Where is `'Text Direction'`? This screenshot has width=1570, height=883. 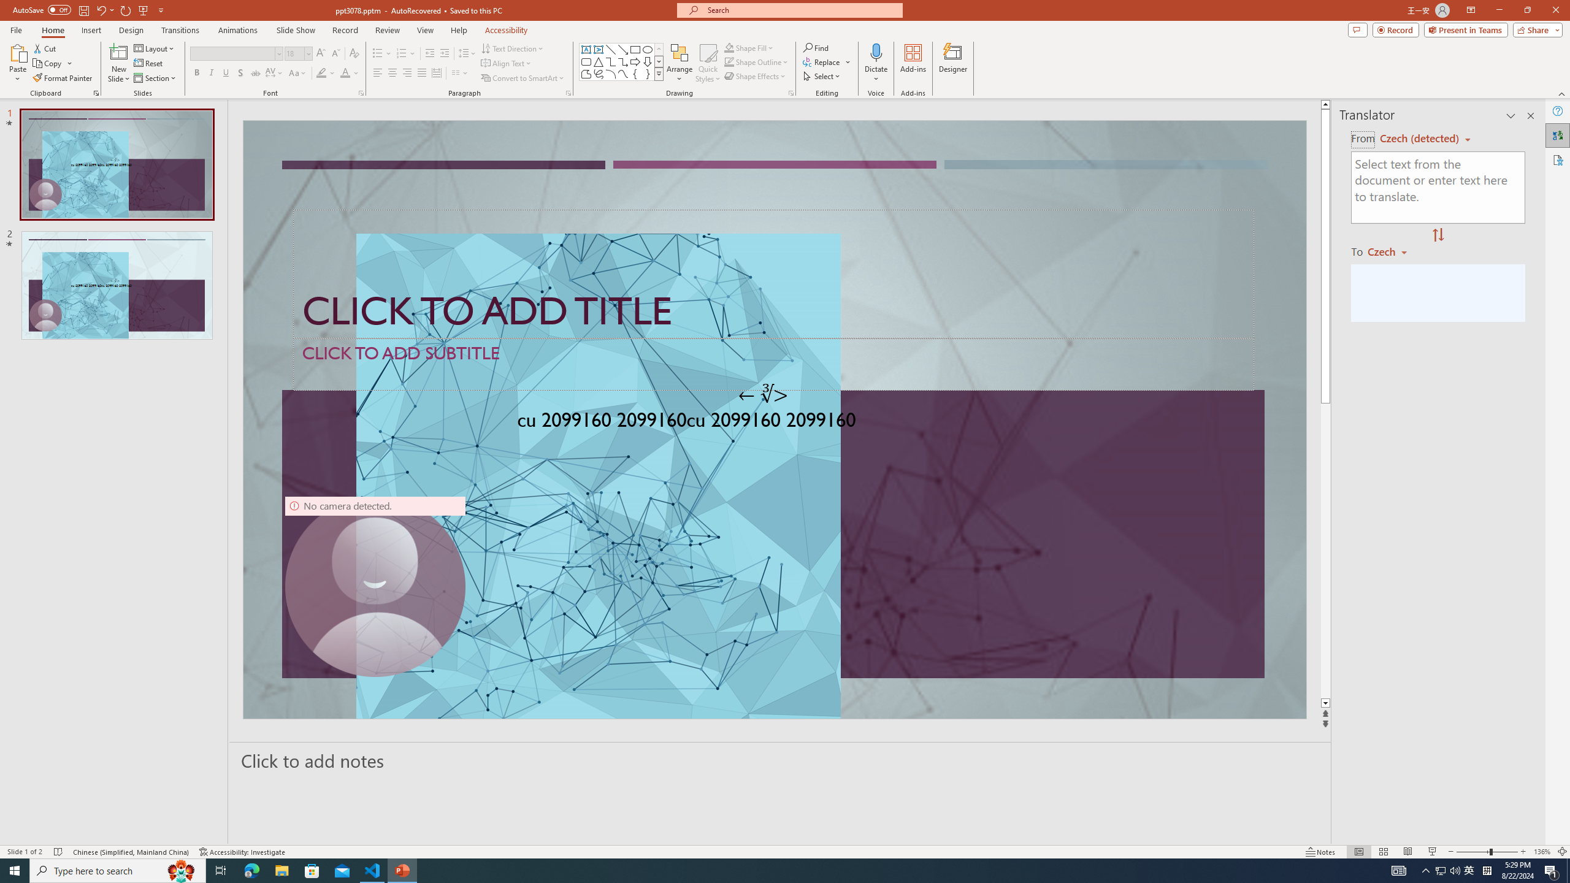 'Text Direction' is located at coordinates (513, 48).